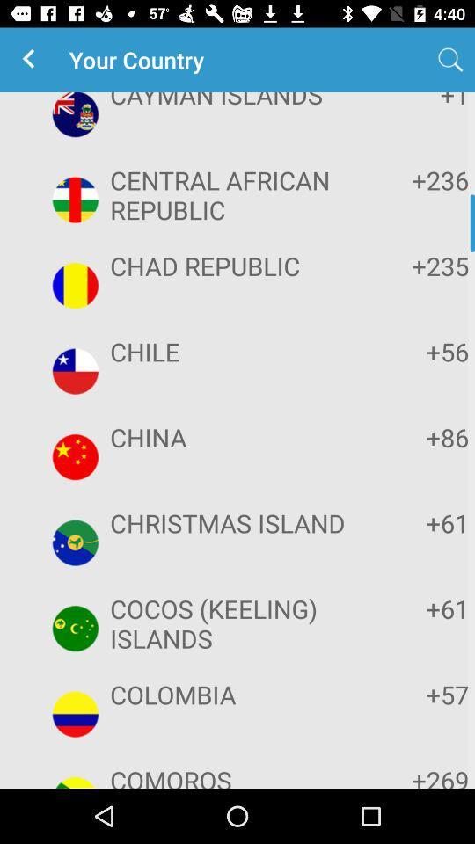  Describe the element at coordinates (235, 101) in the screenshot. I see `the app above the central african republic` at that location.